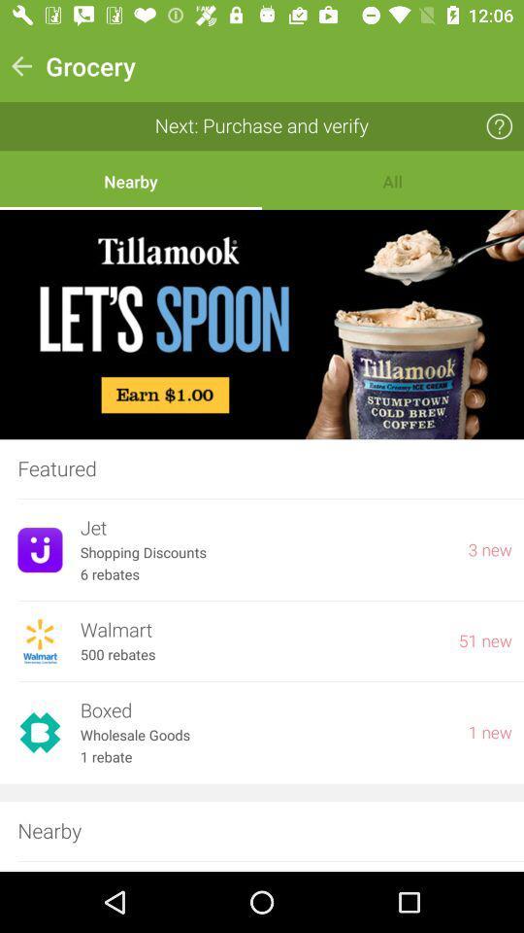 This screenshot has width=524, height=933. Describe the element at coordinates (264, 709) in the screenshot. I see `icon below 500 rebates item` at that location.